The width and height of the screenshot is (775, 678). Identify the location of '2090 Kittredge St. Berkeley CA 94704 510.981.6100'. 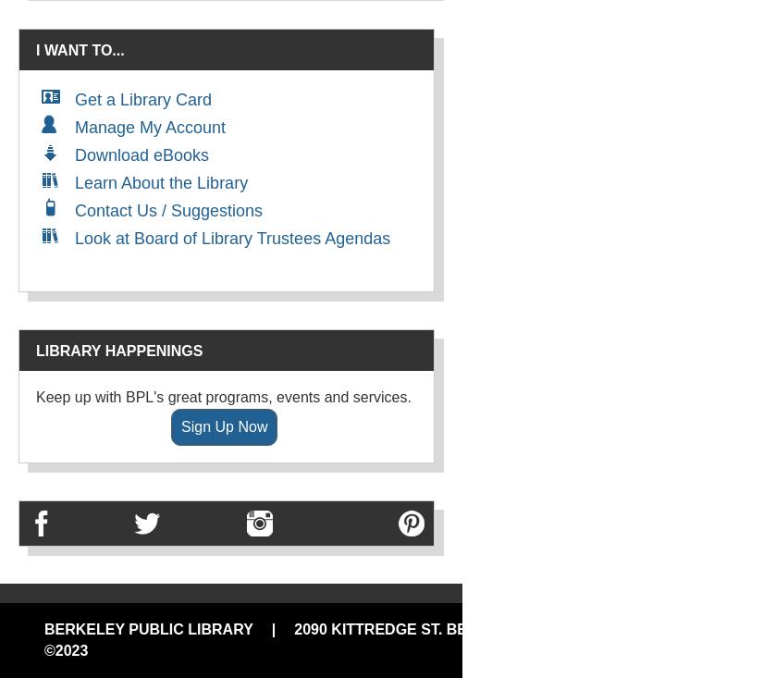
(293, 629).